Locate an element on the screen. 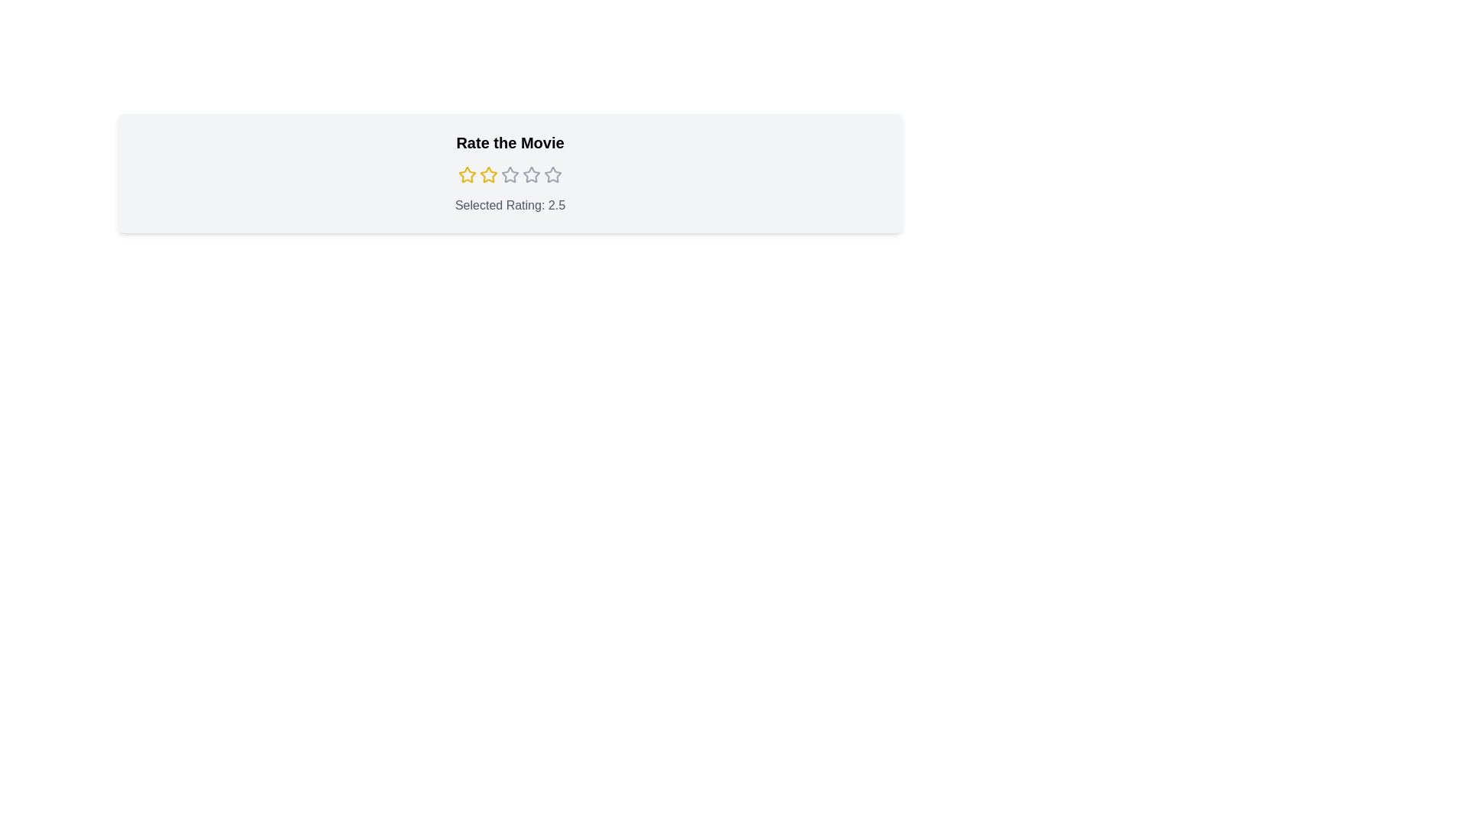 The height and width of the screenshot is (826, 1469). the gray star icon with a hollow center, which is the third star from the left in the horizontal rating bar, to trigger a visual cue is located at coordinates (510, 174).